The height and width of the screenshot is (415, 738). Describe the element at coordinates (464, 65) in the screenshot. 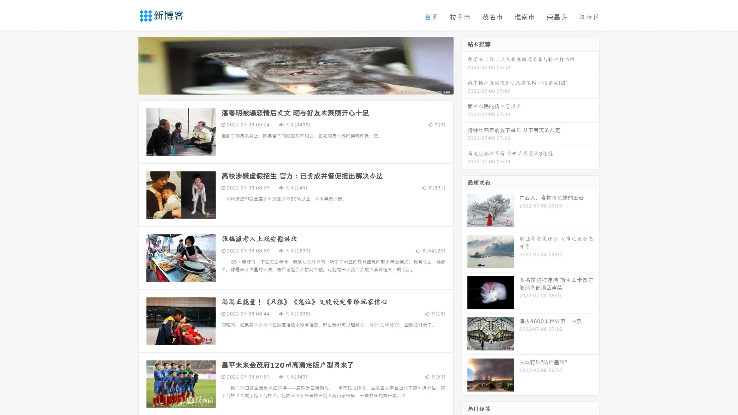

I see `Next slide` at that location.